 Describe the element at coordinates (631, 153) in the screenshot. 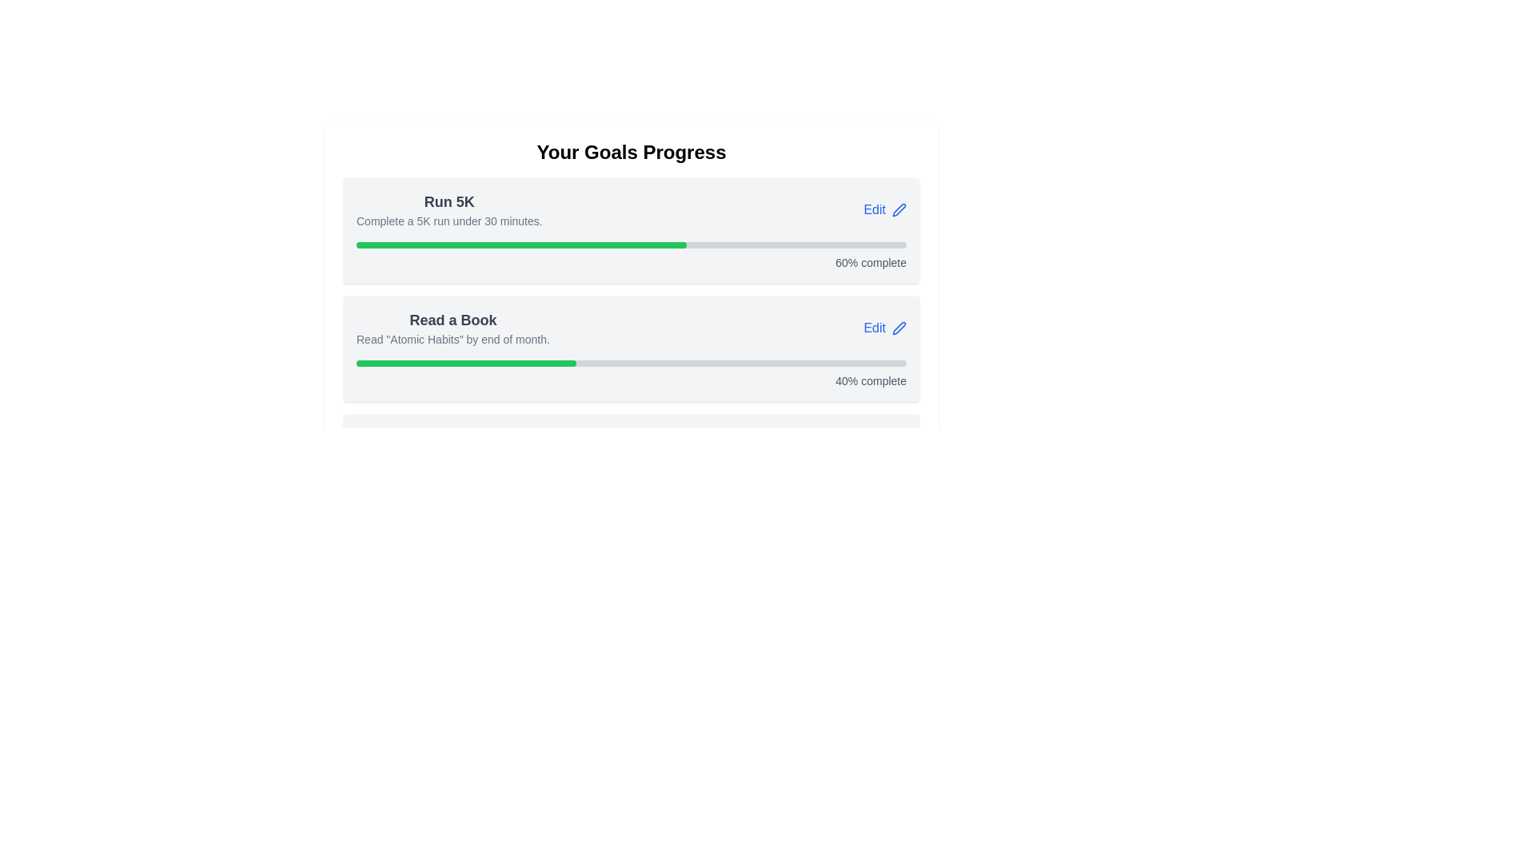

I see `the Text Header that serves as the title for the goals' progress section, located at the top center of the section` at that location.